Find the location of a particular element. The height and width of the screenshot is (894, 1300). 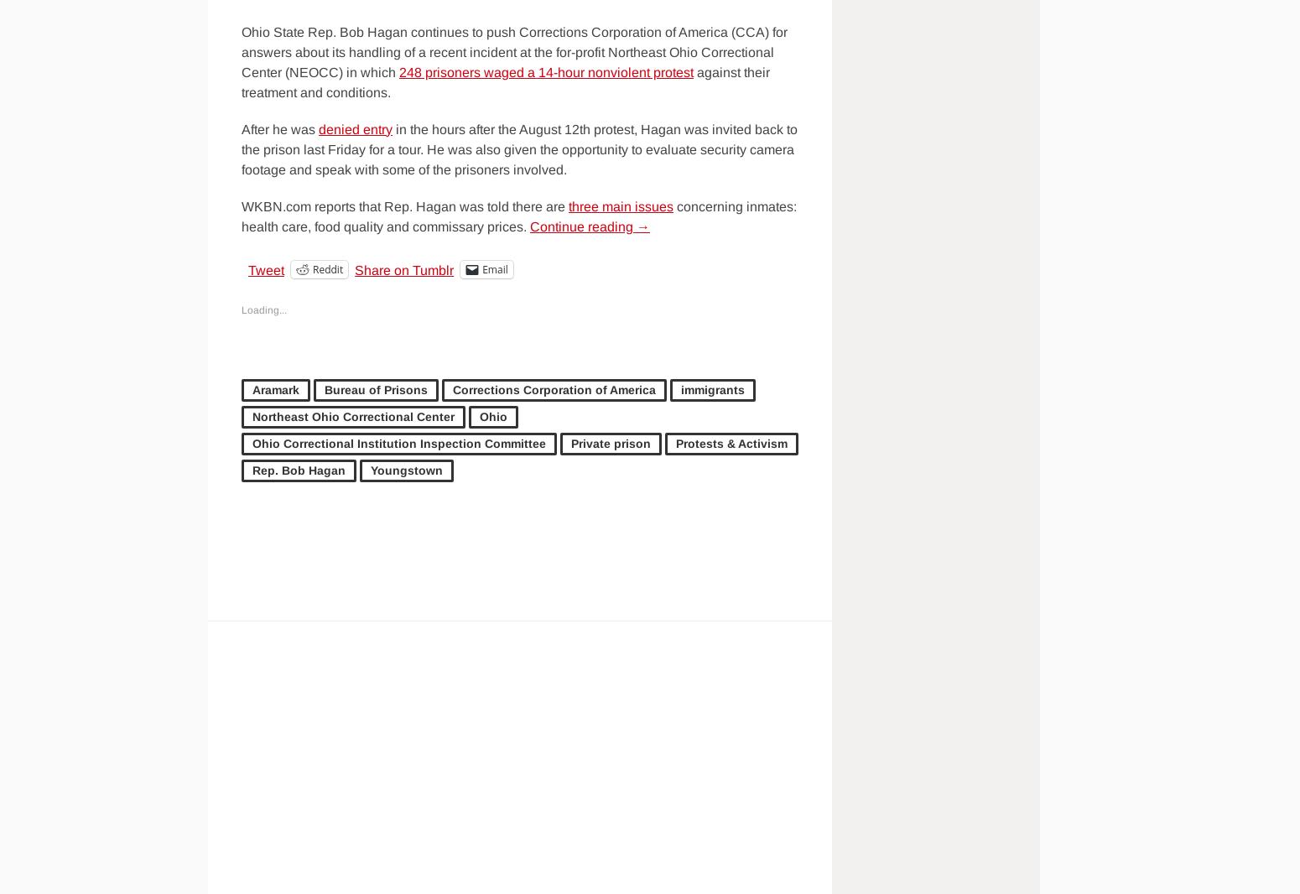

'Share on Tumblr' is located at coordinates (354, 269).